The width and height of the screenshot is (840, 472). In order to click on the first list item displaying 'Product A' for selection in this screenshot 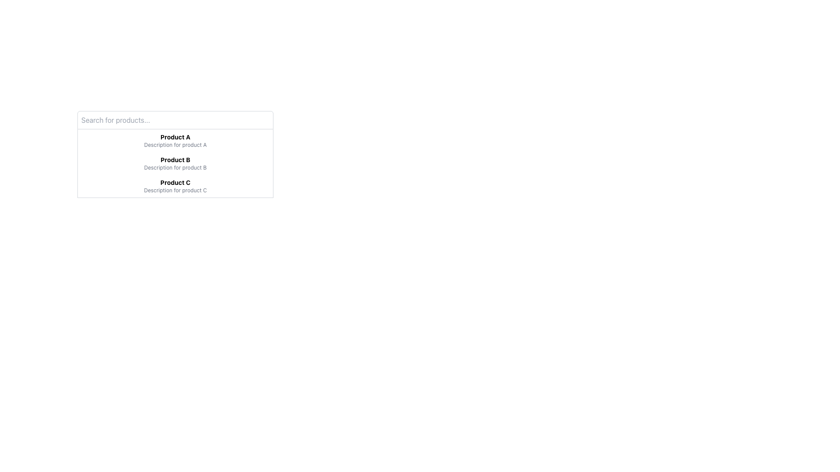, I will do `click(175, 140)`.